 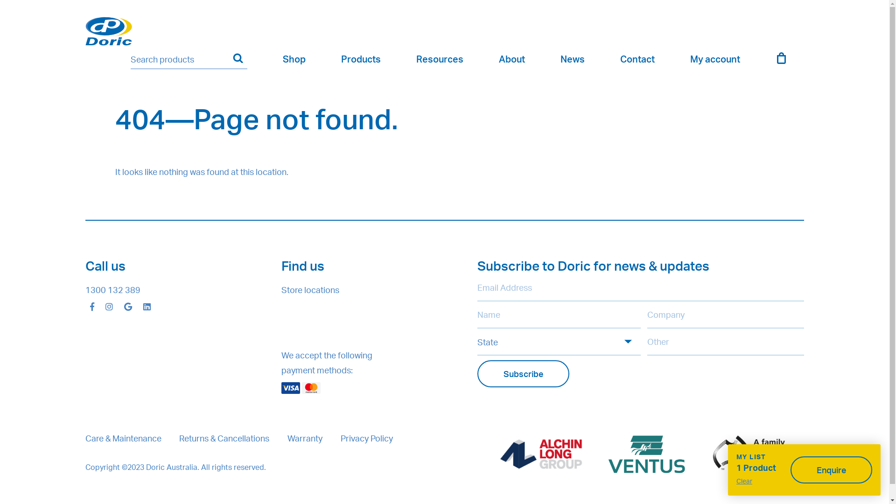 I want to click on 'Care & Maintenance', so click(x=122, y=438).